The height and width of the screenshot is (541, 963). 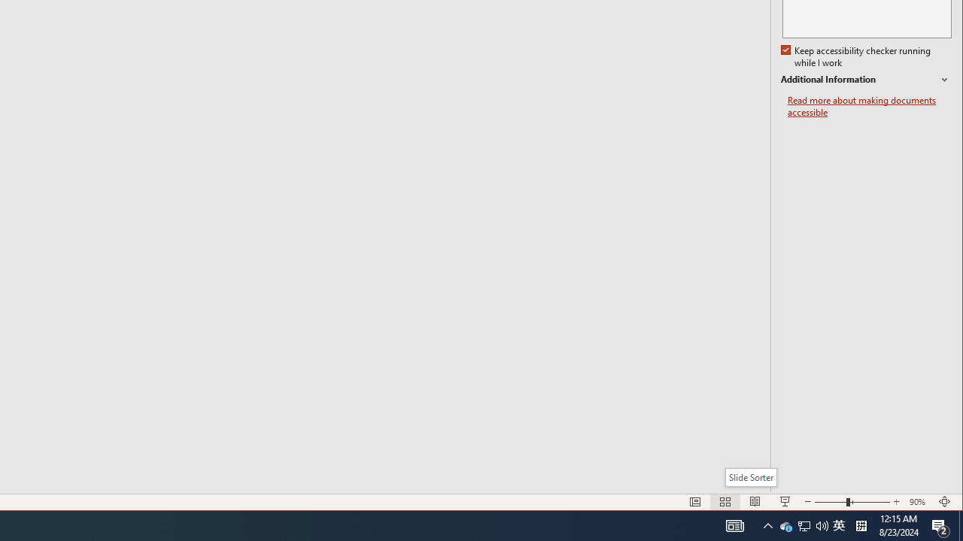 I want to click on 'Show desktop', so click(x=960, y=524).